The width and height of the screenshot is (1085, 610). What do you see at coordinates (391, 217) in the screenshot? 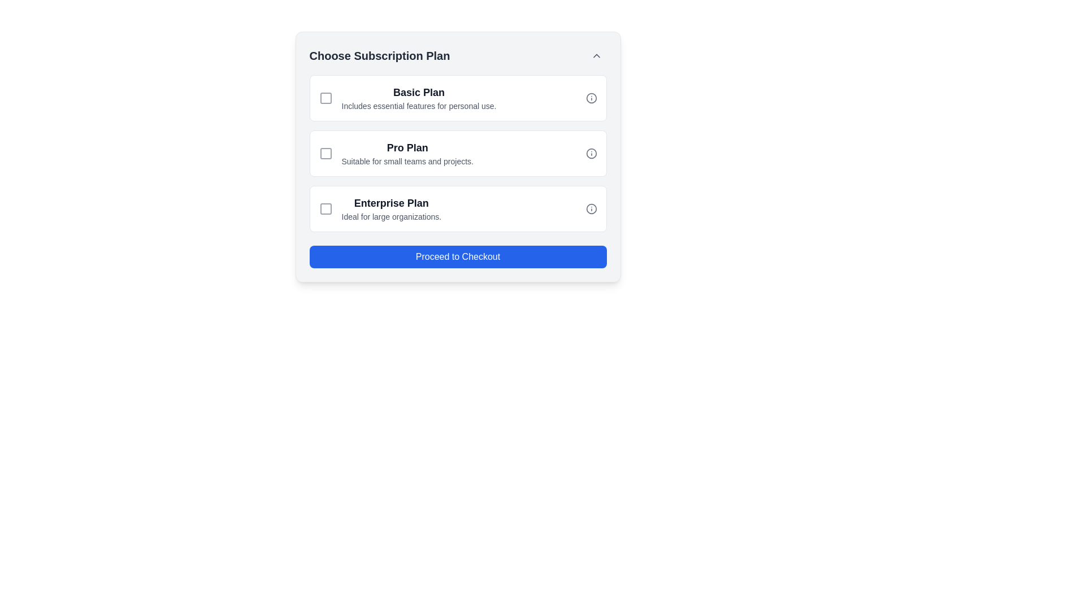
I see `the text label reading 'Ideal for large organizations.', which is located below the 'Enterprise Plan' title in the subscription option block labeled 'Enterprise Plan'` at bounding box center [391, 217].